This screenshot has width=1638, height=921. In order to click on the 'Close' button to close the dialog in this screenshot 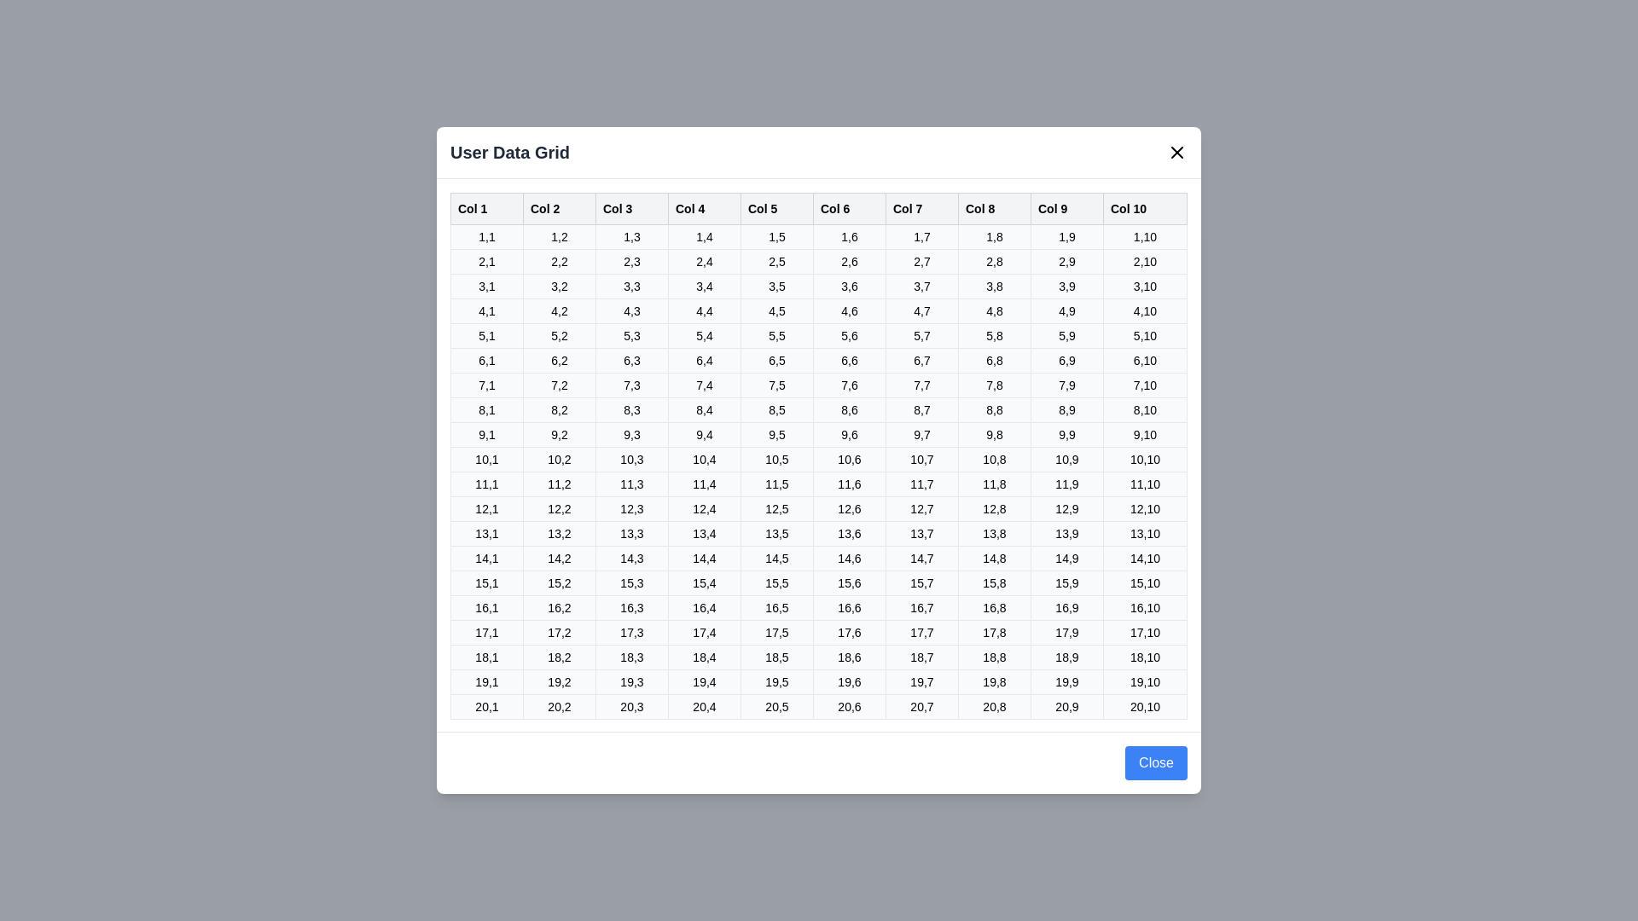, I will do `click(1155, 762)`.